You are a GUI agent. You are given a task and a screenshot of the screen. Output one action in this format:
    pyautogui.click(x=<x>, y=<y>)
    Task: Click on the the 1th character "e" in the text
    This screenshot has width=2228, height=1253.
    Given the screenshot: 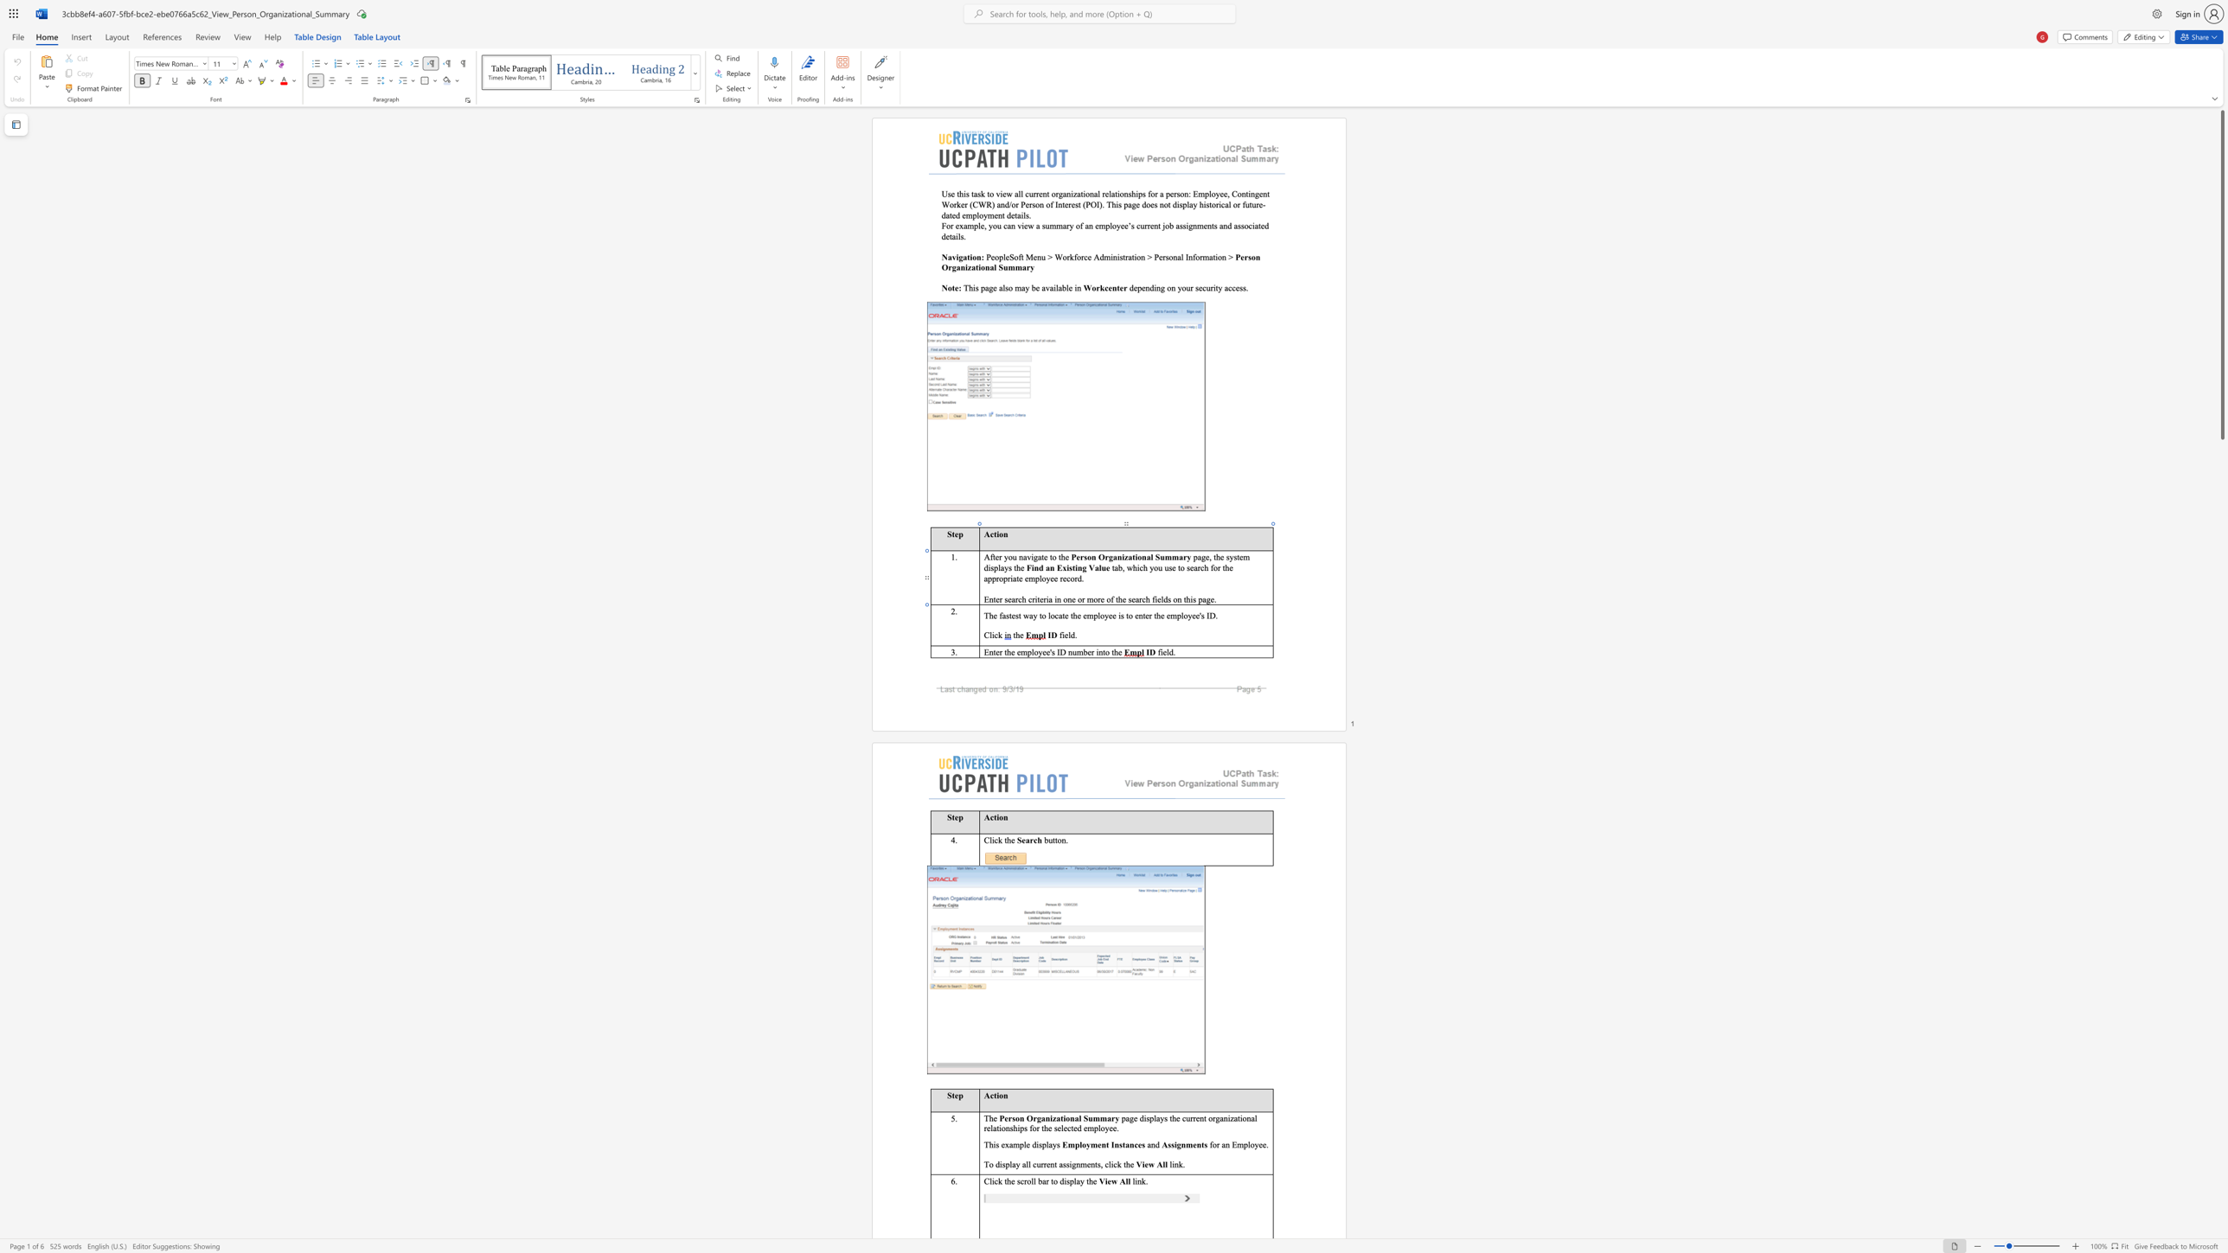 What is the action you would take?
    pyautogui.click(x=994, y=615)
    